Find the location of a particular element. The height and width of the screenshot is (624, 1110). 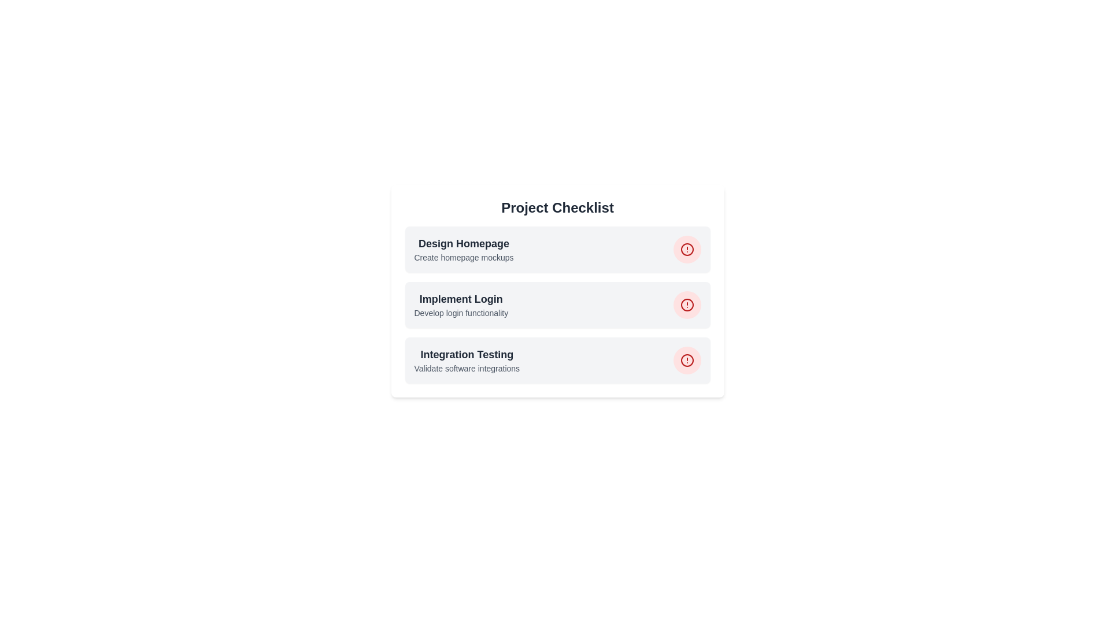

the text label that identifies the third task in the list, which is titled 'Validate software integrations' is located at coordinates (467, 354).